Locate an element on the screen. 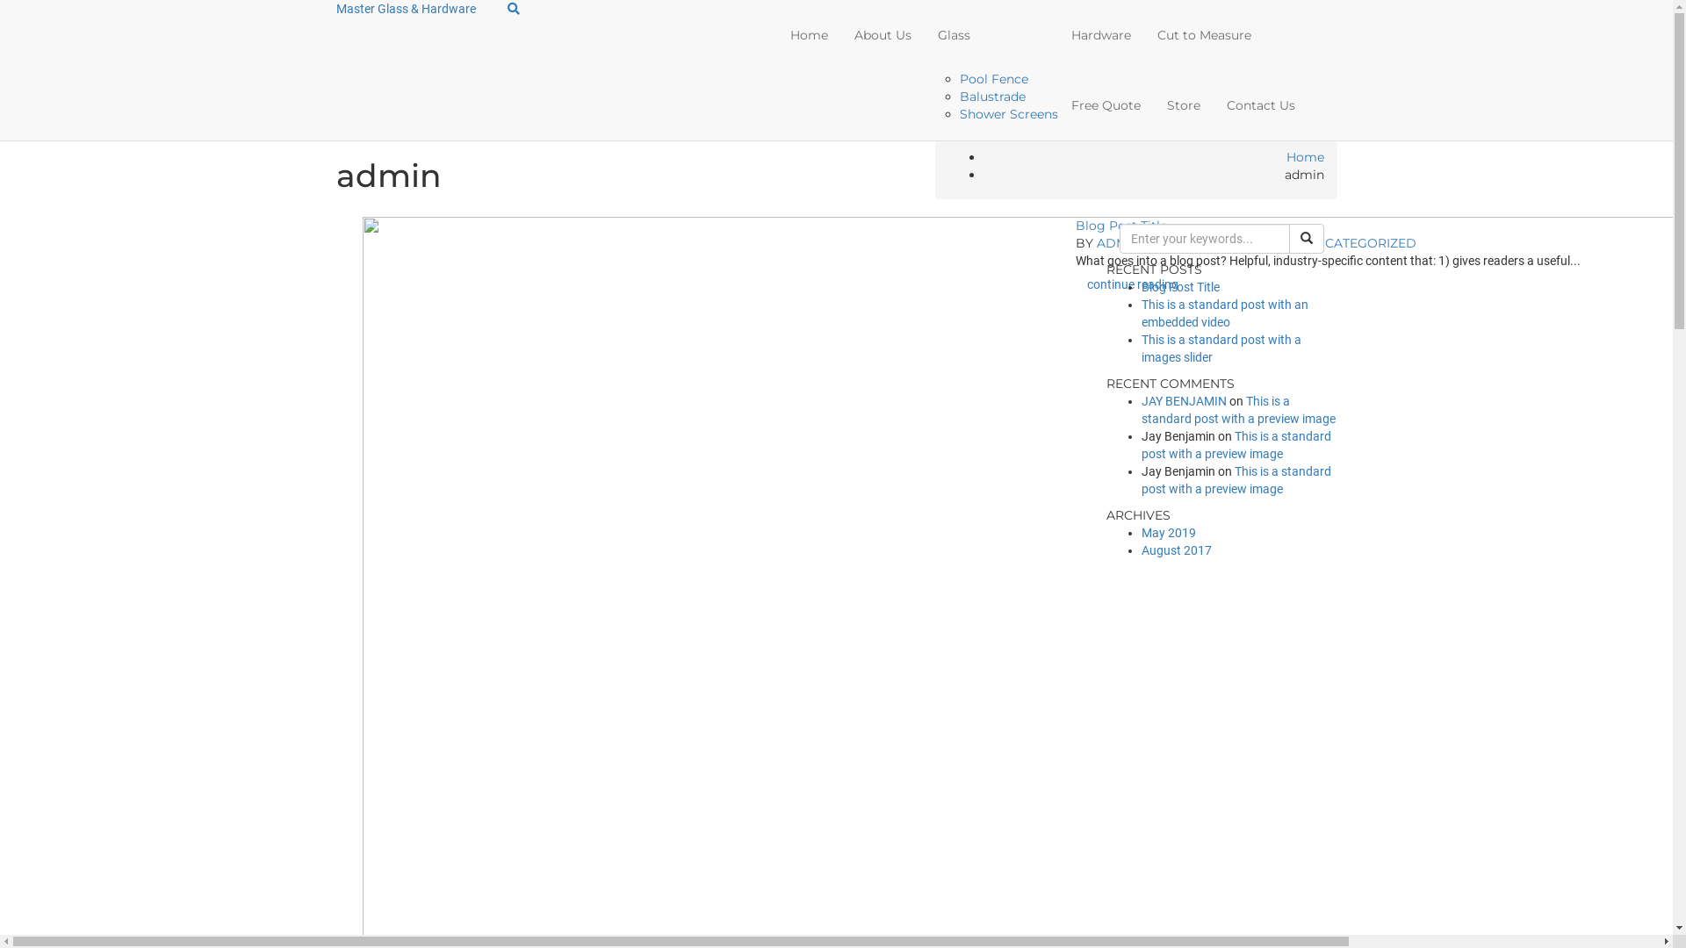 The width and height of the screenshot is (1686, 948). 'Contact Us' is located at coordinates (1259, 104).